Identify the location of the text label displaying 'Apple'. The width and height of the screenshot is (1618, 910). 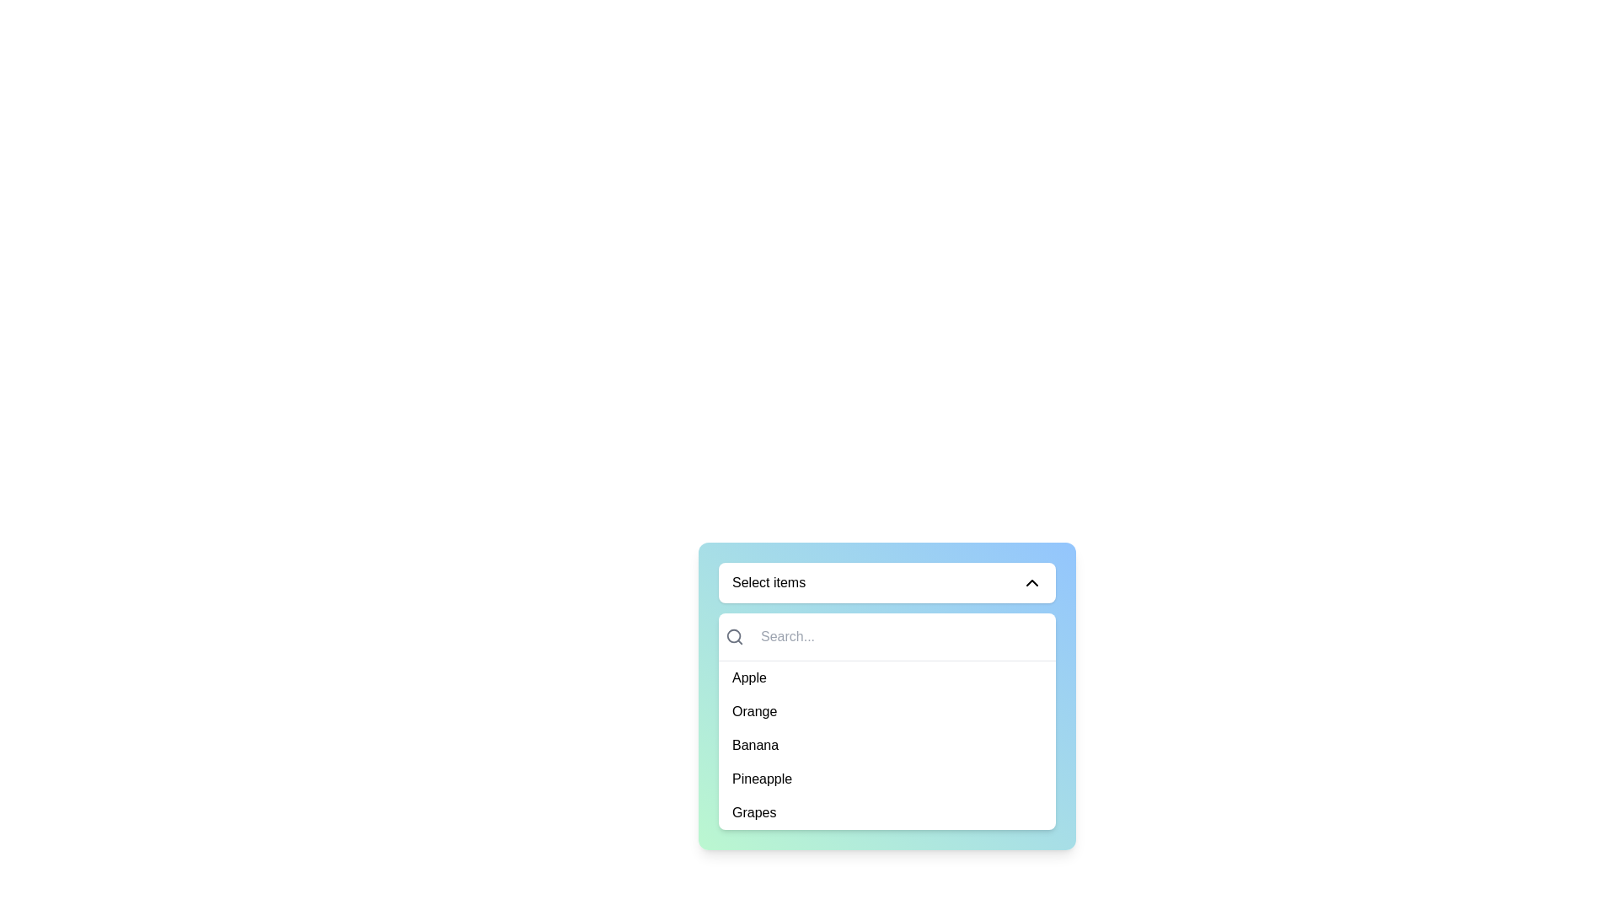
(748, 677).